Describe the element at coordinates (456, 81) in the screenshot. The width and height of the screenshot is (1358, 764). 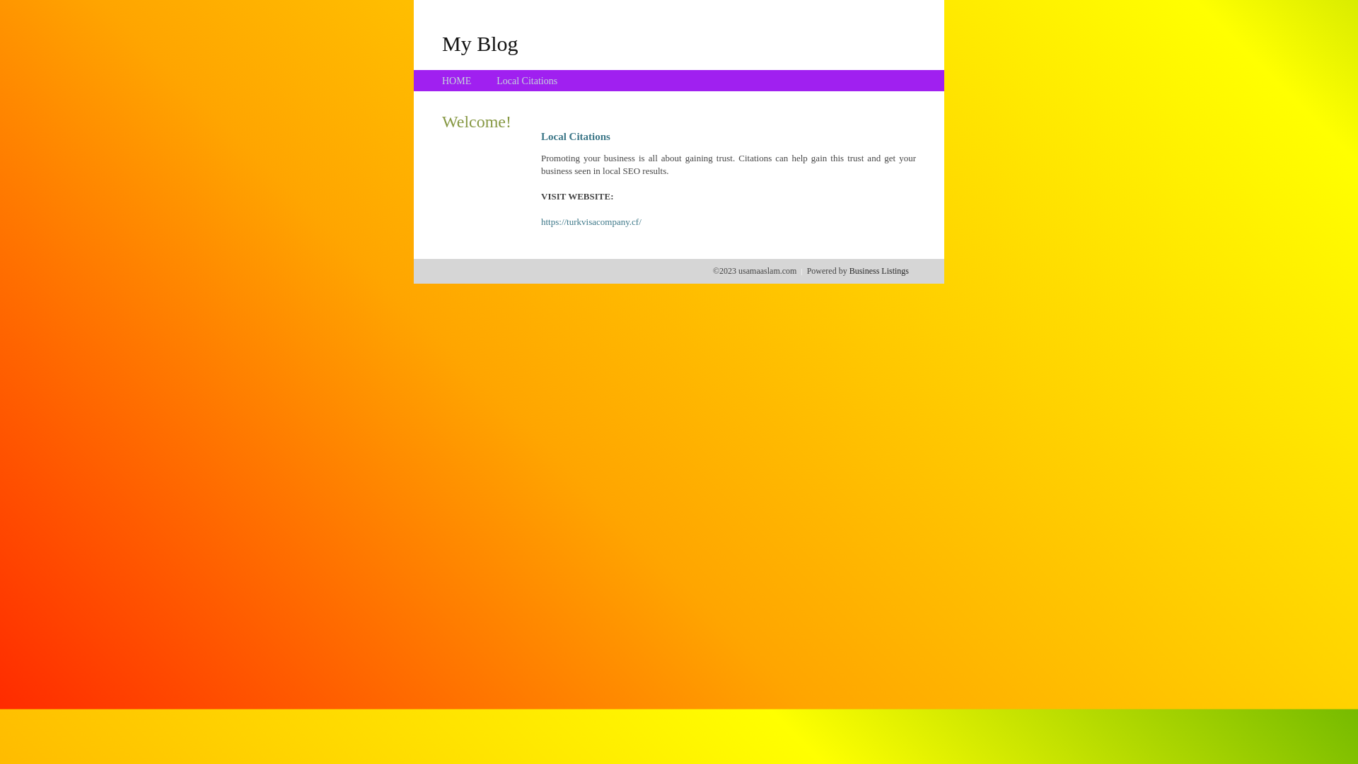
I see `'HOME'` at that location.